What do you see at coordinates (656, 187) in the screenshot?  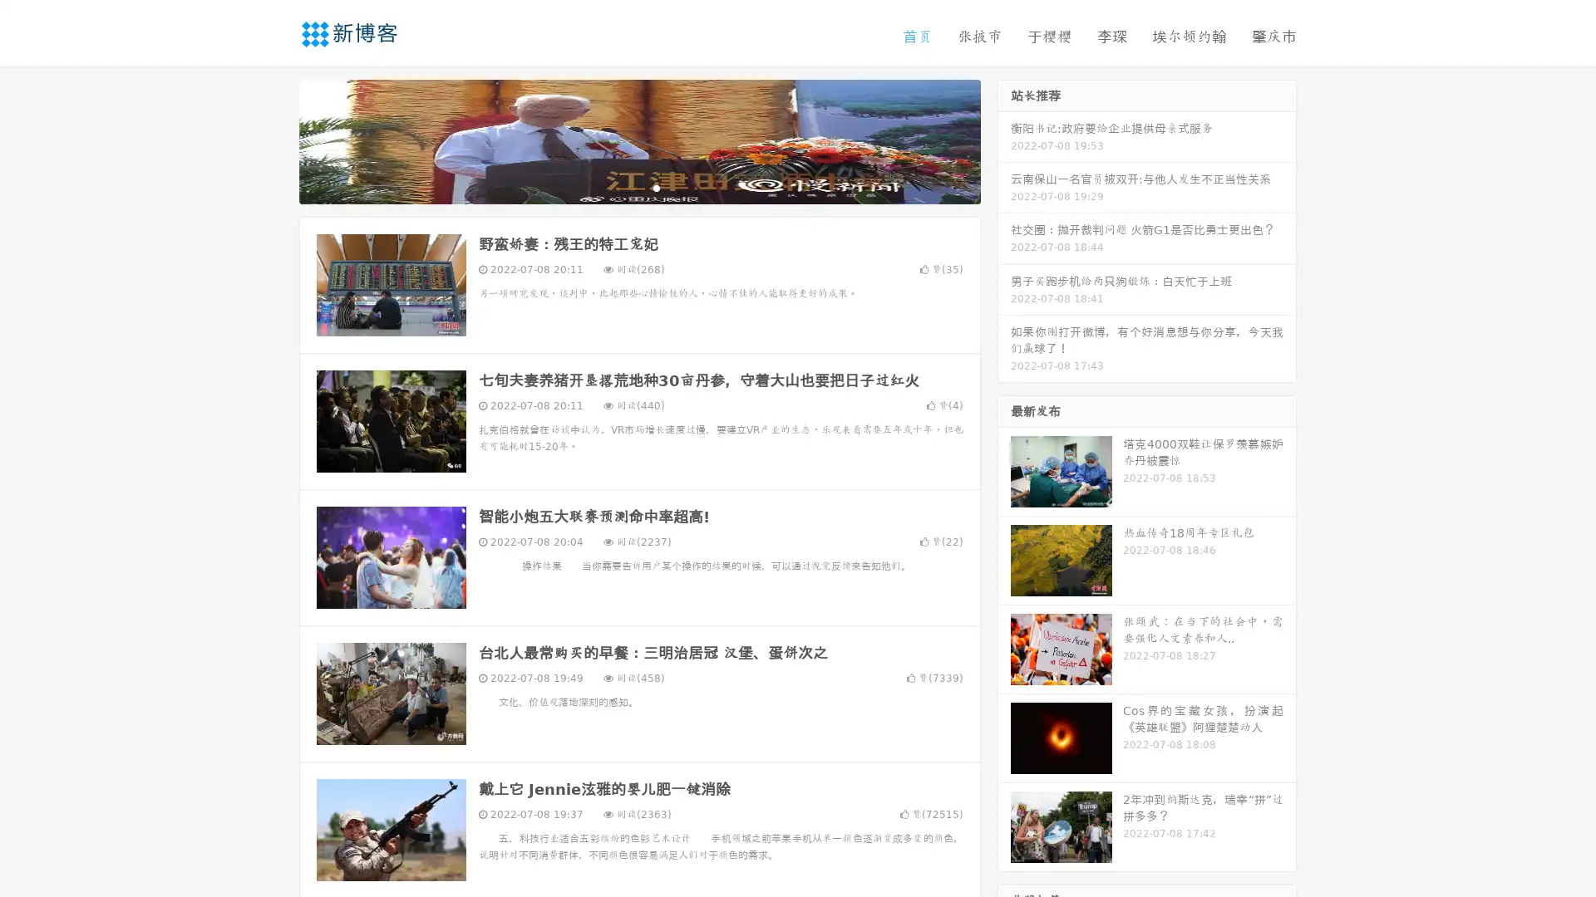 I see `Go to slide 3` at bounding box center [656, 187].